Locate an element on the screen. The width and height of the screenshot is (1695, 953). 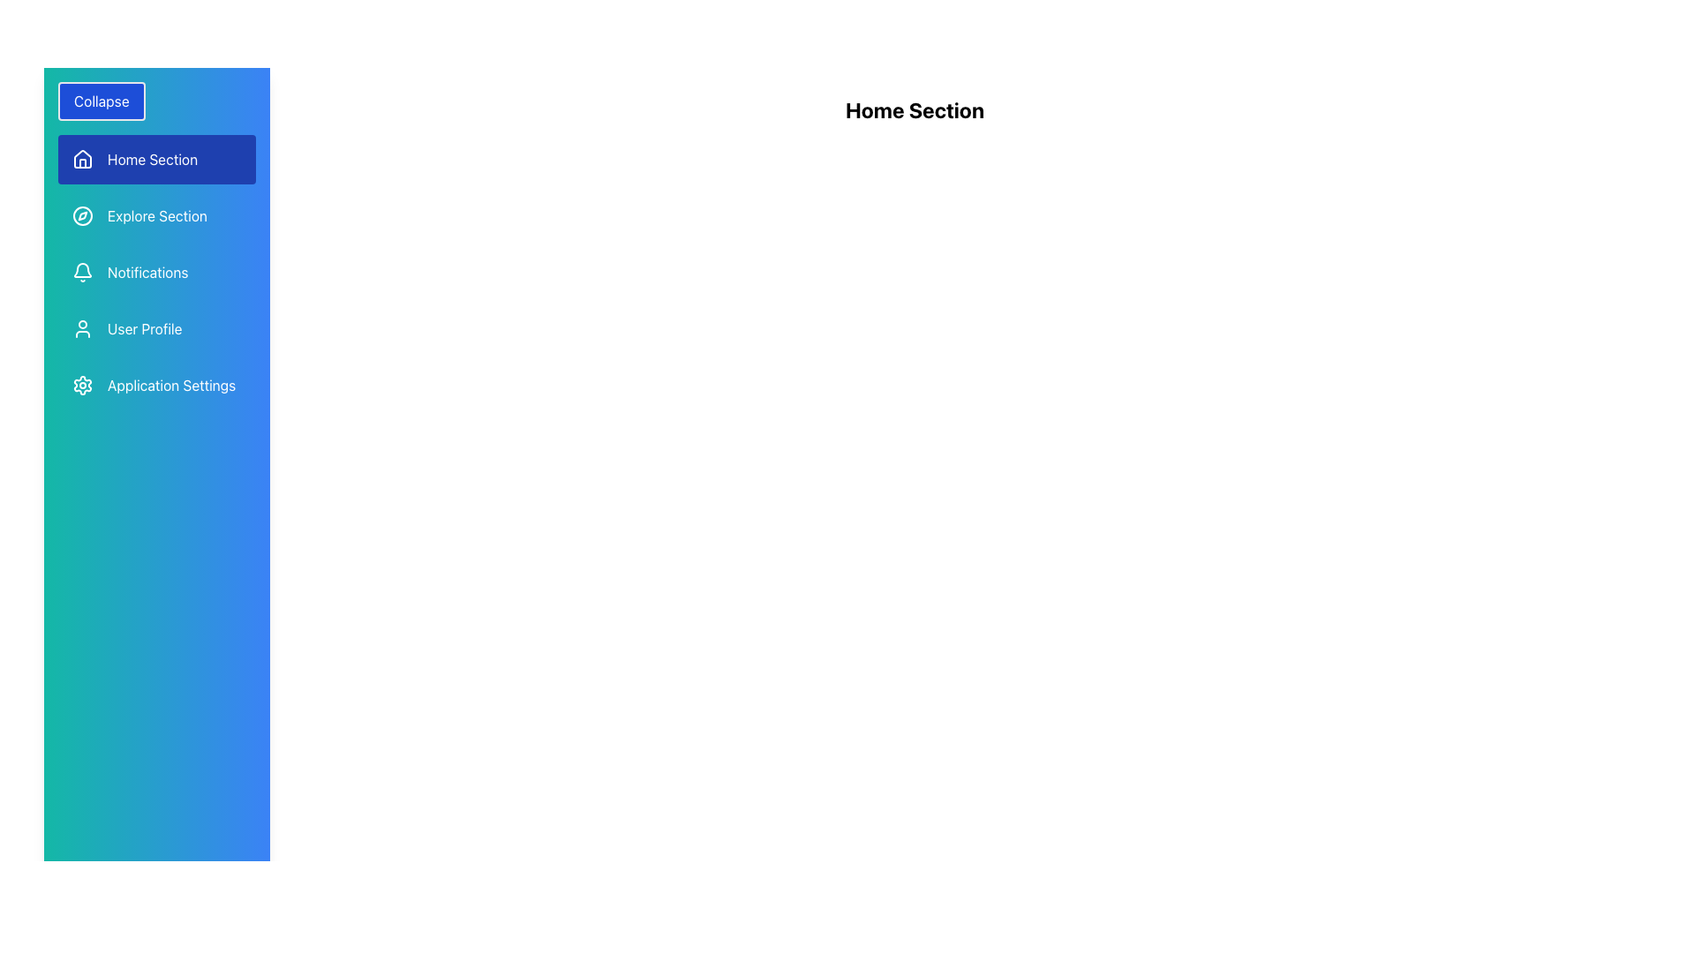
the circular compass icon located in the sidebar menu, positioned above the 'Notifications' entry and below the 'Home Section' entry, to the left of the 'Explore Section' label is located at coordinates (82, 215).